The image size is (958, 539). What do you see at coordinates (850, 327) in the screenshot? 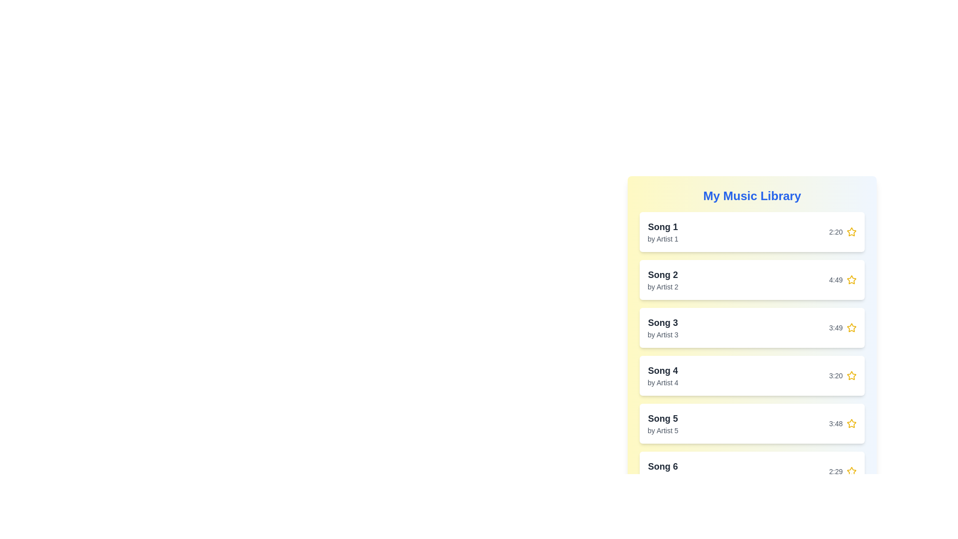
I see `the star icon located on the right side of the row for 'Song 3' in the 'My Music Library' section, which serves as a rating or favorite marker` at bounding box center [850, 327].